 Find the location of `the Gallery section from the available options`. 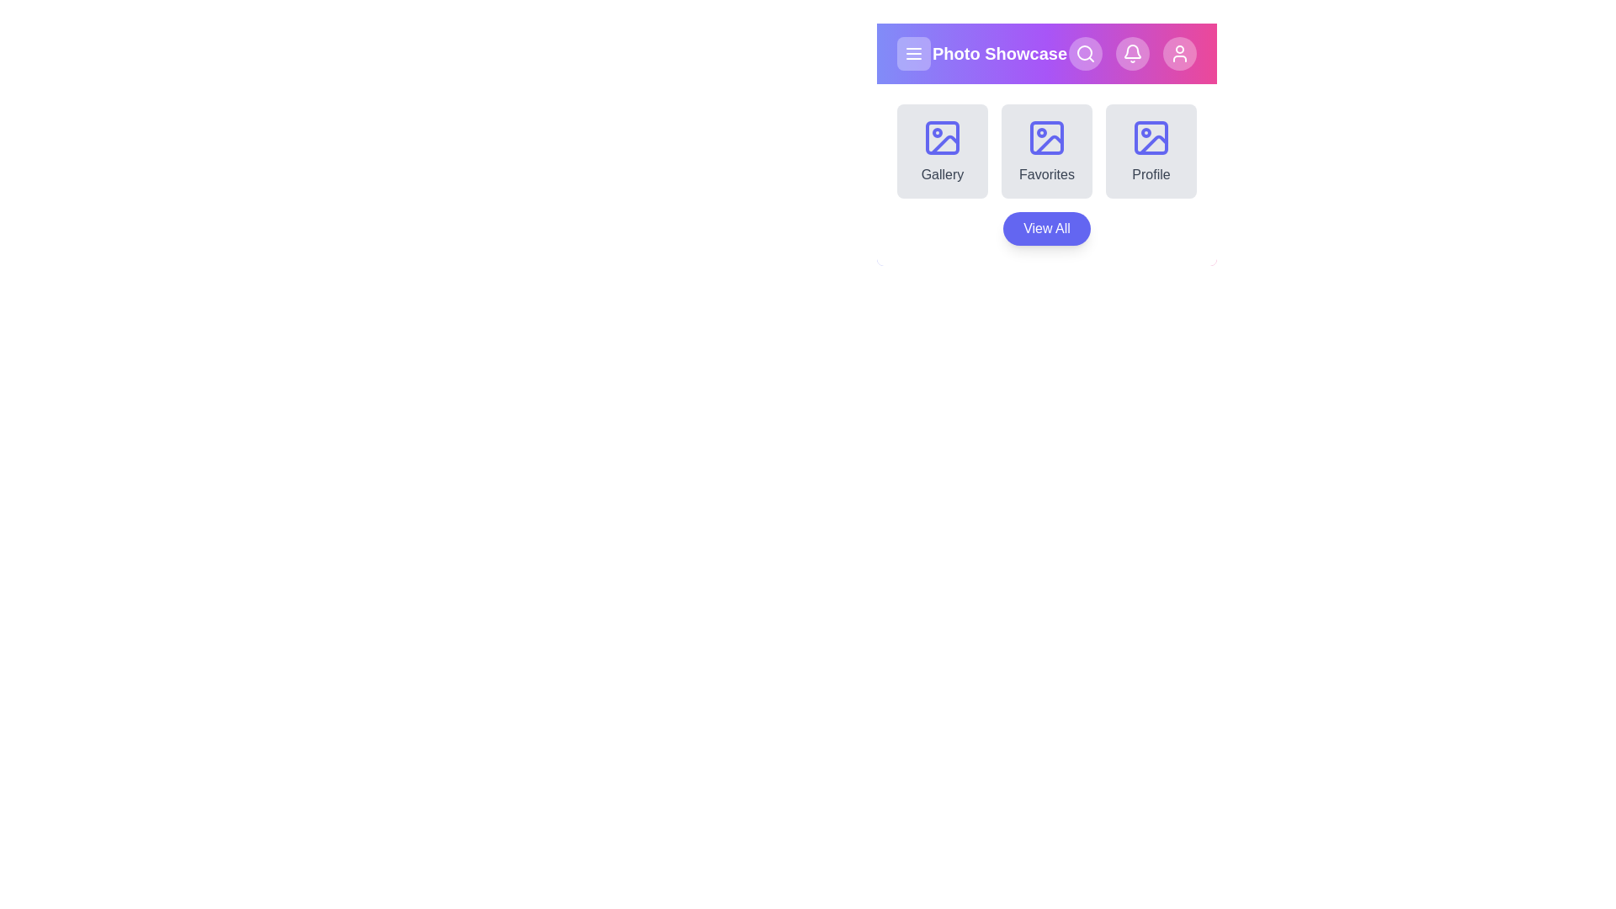

the Gallery section from the available options is located at coordinates (941, 151).